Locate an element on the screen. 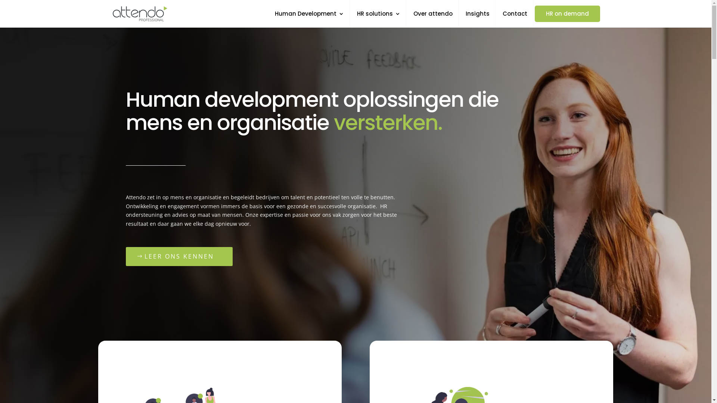 Image resolution: width=717 pixels, height=403 pixels. 'HR on demand' is located at coordinates (567, 14).